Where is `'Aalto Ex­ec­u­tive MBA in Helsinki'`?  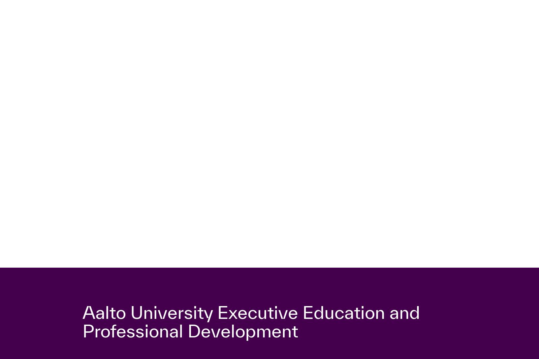 'Aalto Ex­ec­u­tive MBA in Helsinki' is located at coordinates (133, 46).